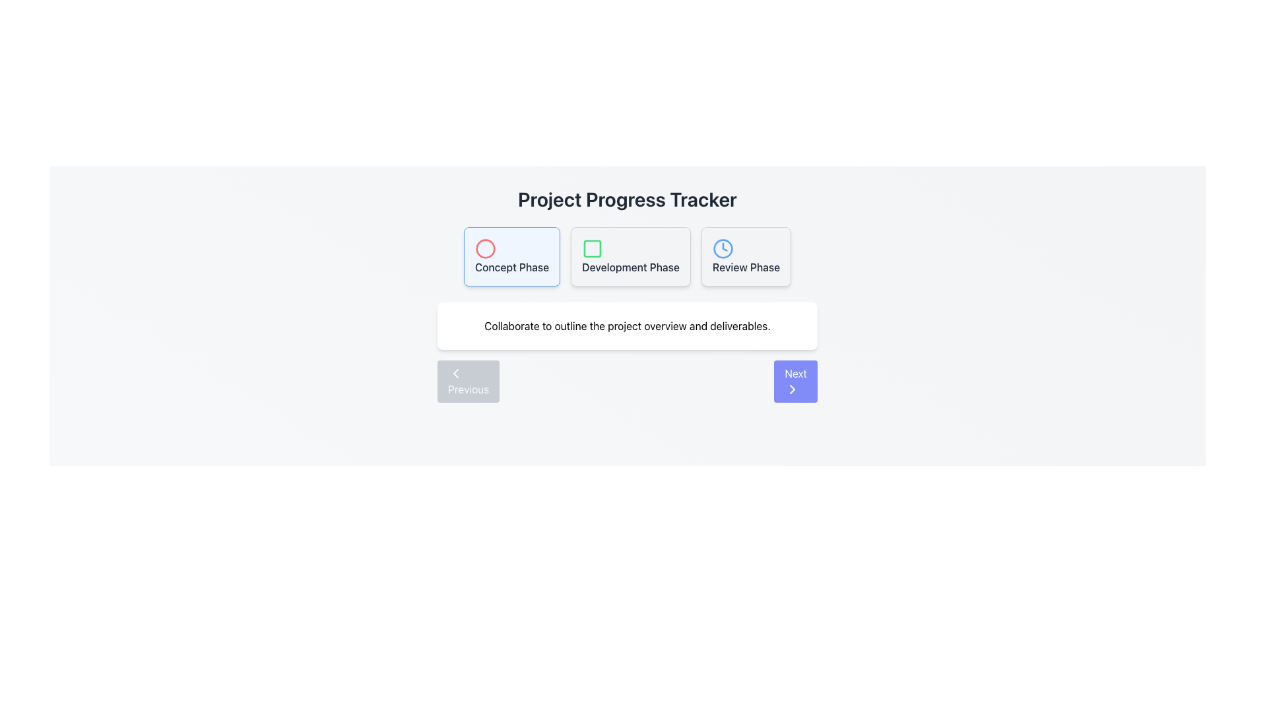 This screenshot has height=713, width=1267. I want to click on the decorative icon representing the 'Concept Phase' status, situated near the title 'Concept Phase', so click(484, 249).